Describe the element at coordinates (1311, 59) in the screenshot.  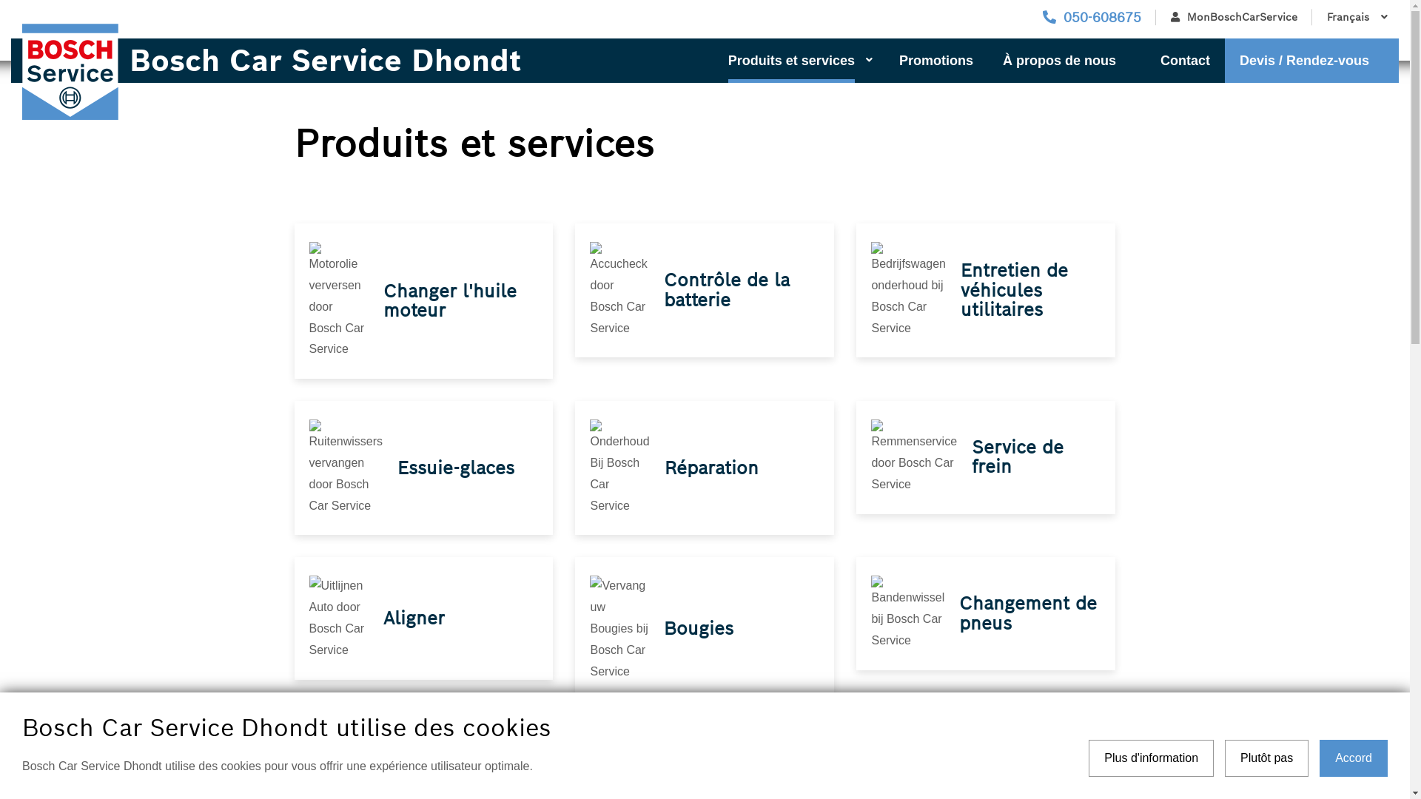
I see `'Devis / Rendez-vous'` at that location.